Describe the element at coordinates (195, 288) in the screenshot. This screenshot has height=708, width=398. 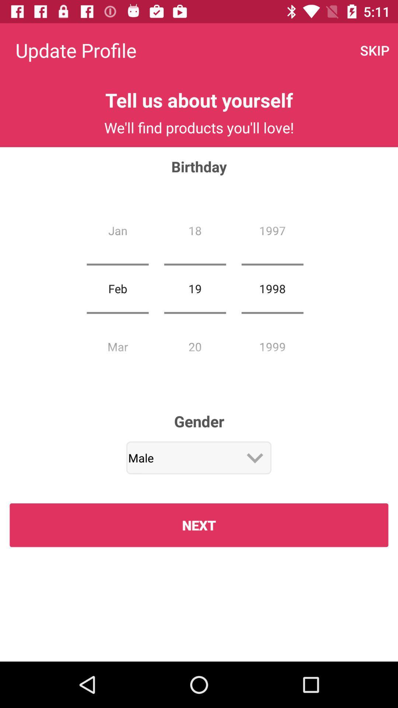
I see `item next to feb icon` at that location.